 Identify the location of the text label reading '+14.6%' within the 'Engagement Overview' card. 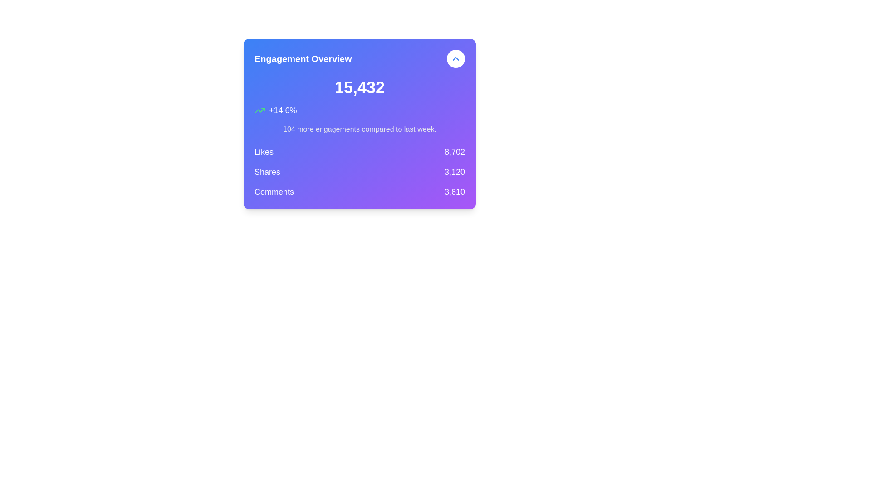
(282, 110).